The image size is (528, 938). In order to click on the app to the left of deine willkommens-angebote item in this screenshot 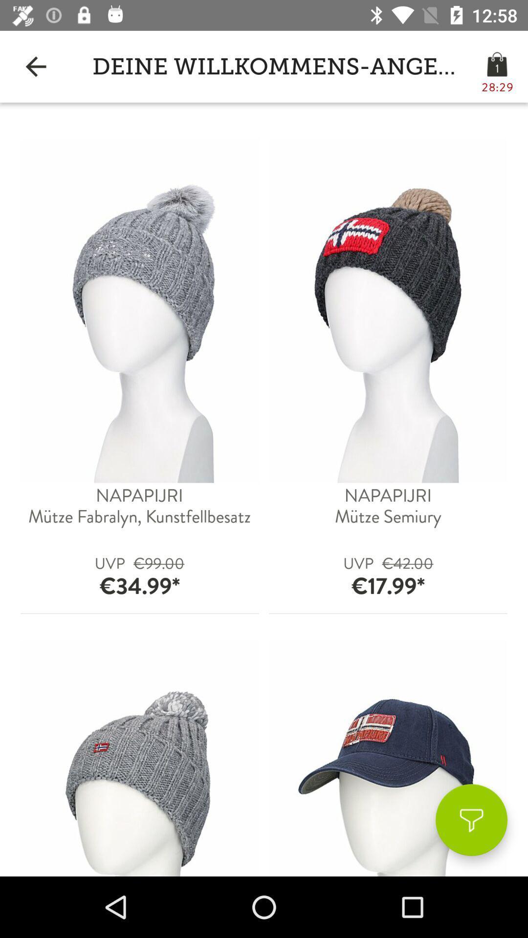, I will do `click(35, 66)`.